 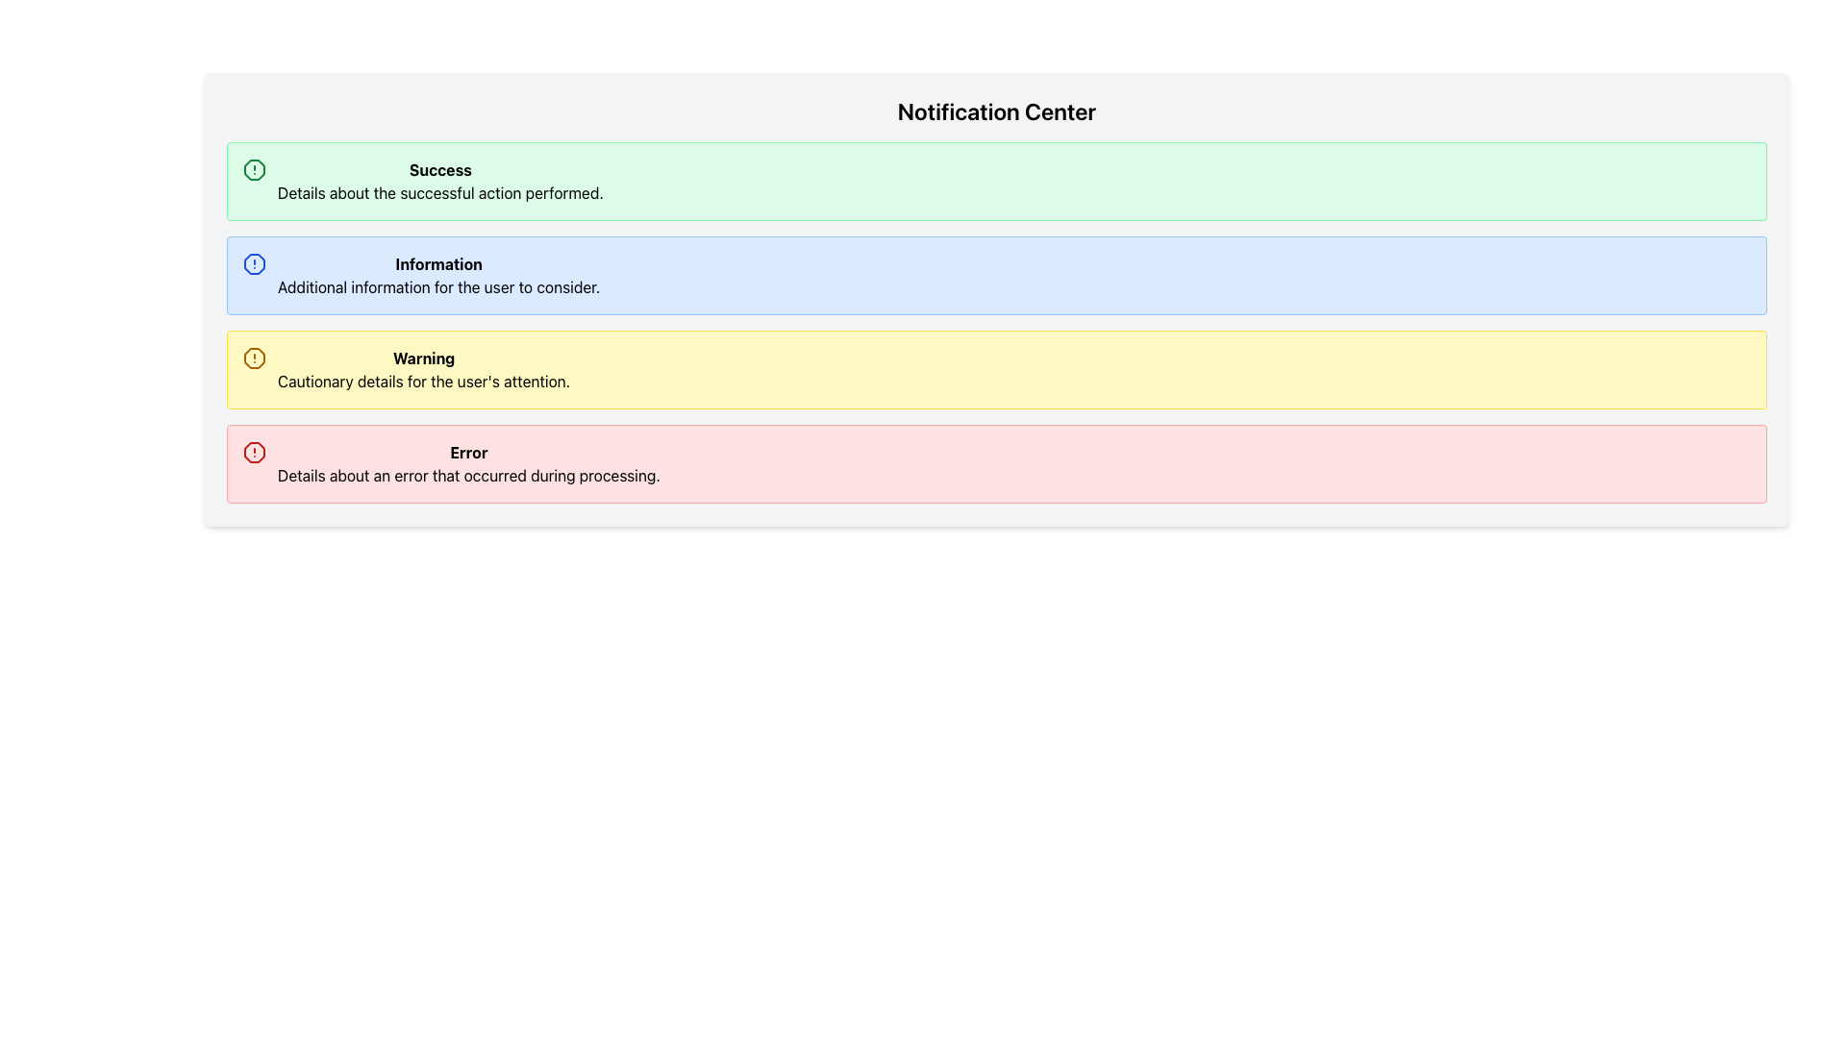 I want to click on the textual phrase 'Cautionary details for the user's attention.' displayed in black text on a yellow background, located directly below the bolded 'Warning' label, so click(x=423, y=382).